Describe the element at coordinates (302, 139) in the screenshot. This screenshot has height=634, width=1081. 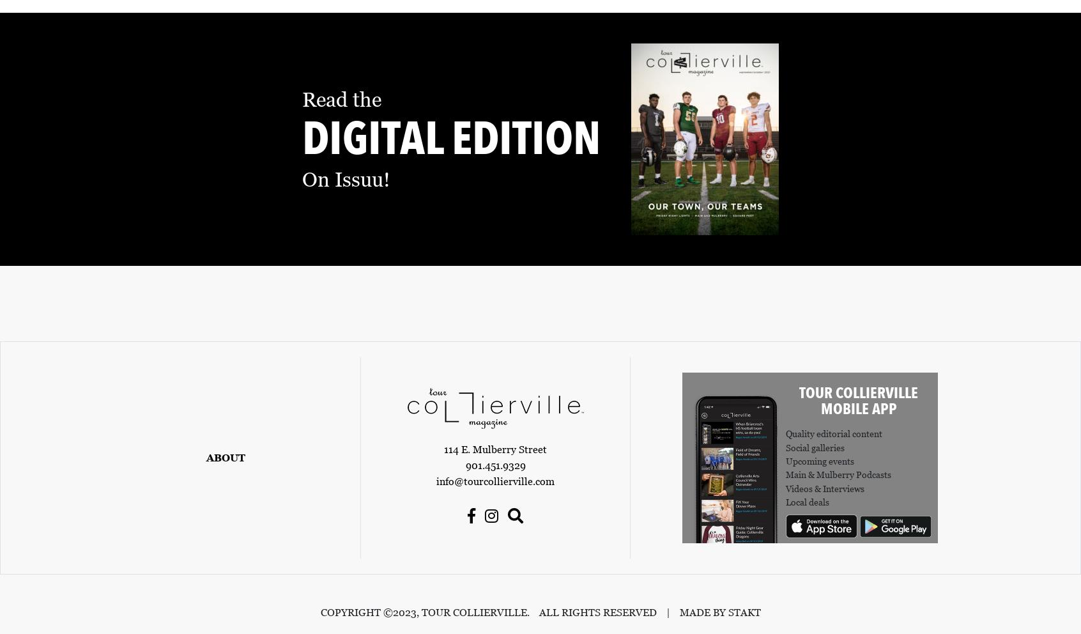
I see `'Digital Edition'` at that location.